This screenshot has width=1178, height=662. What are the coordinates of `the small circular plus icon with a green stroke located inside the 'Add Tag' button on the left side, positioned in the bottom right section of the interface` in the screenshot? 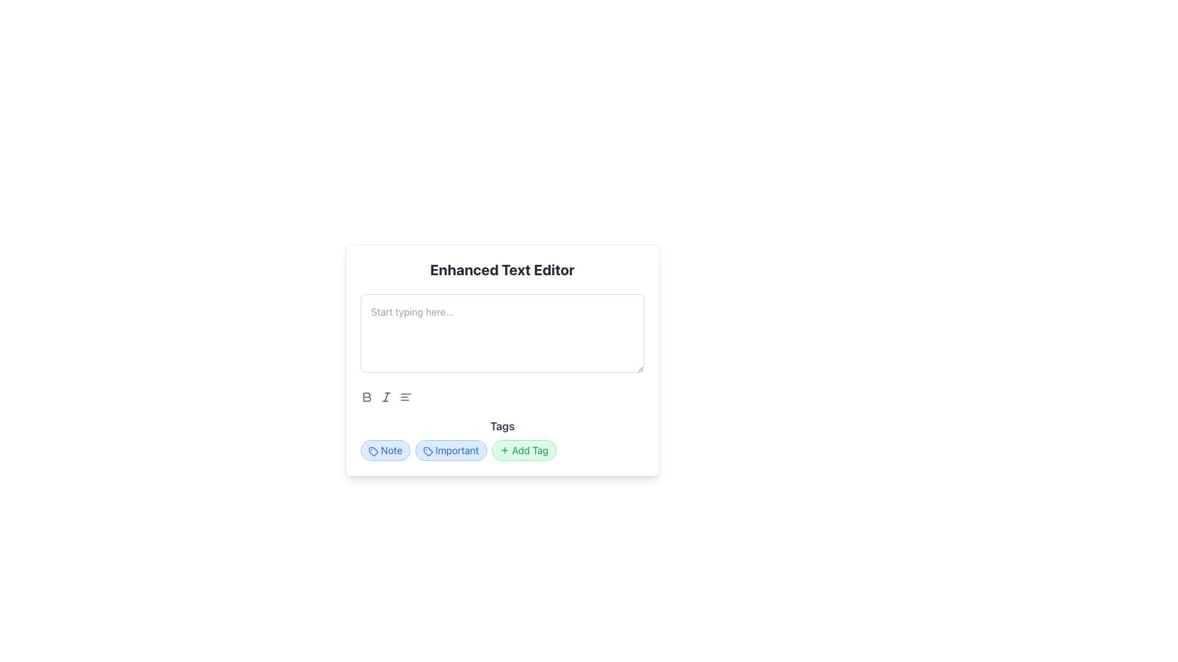 It's located at (504, 451).